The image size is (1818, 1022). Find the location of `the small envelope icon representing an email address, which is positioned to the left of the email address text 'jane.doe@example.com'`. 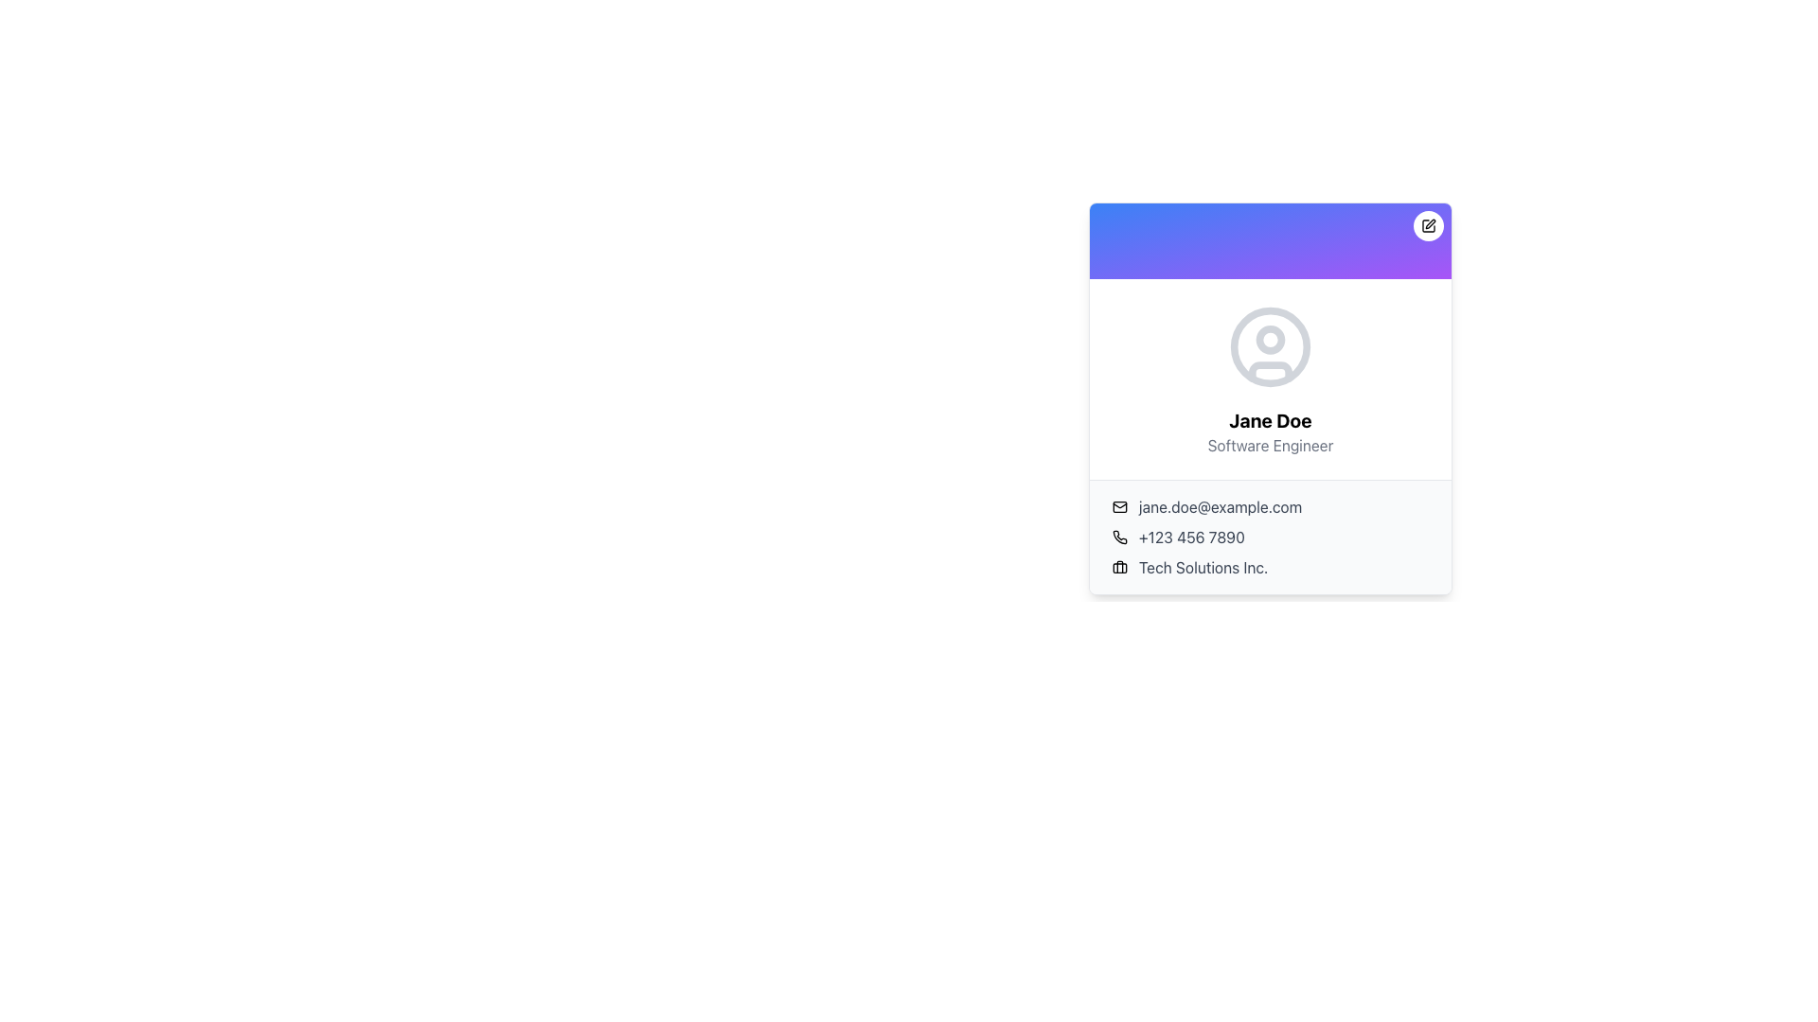

the small envelope icon representing an email address, which is positioned to the left of the email address text 'jane.doe@example.com' is located at coordinates (1119, 506).